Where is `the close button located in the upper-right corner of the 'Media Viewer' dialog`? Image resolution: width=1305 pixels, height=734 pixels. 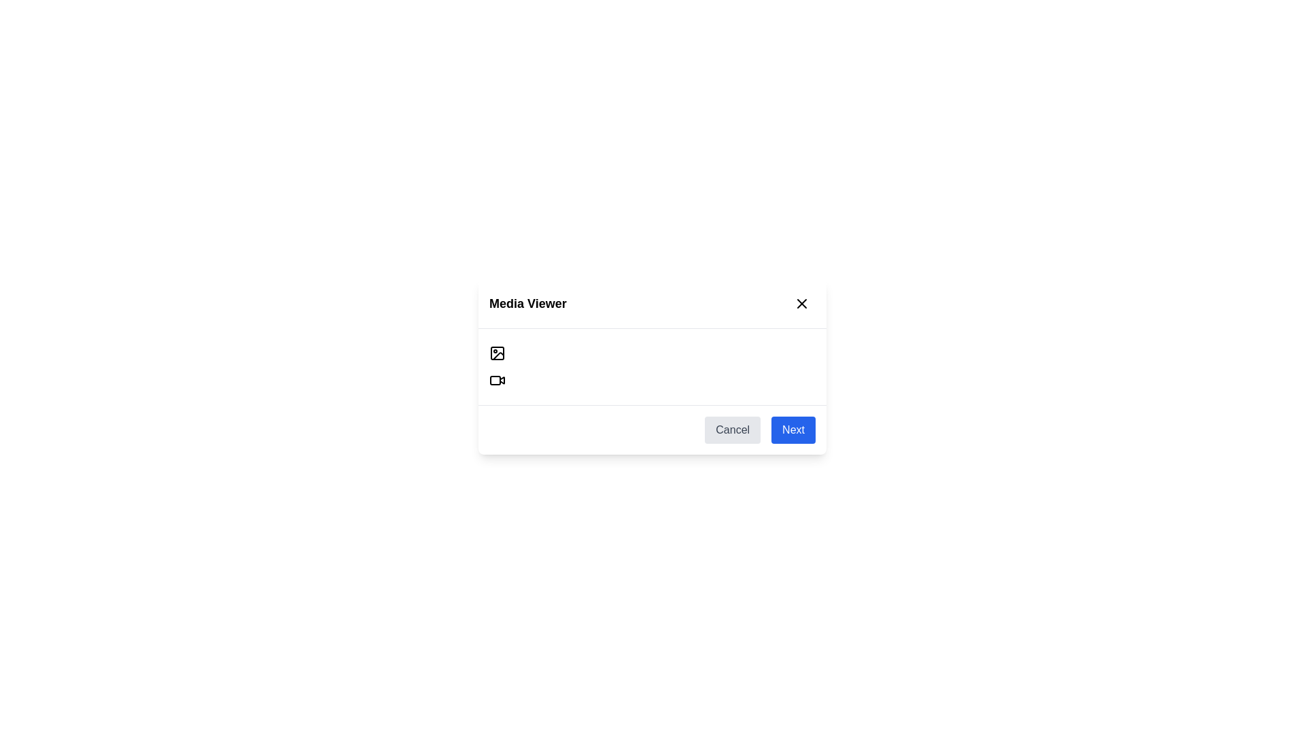 the close button located in the upper-right corner of the 'Media Viewer' dialog is located at coordinates (802, 303).